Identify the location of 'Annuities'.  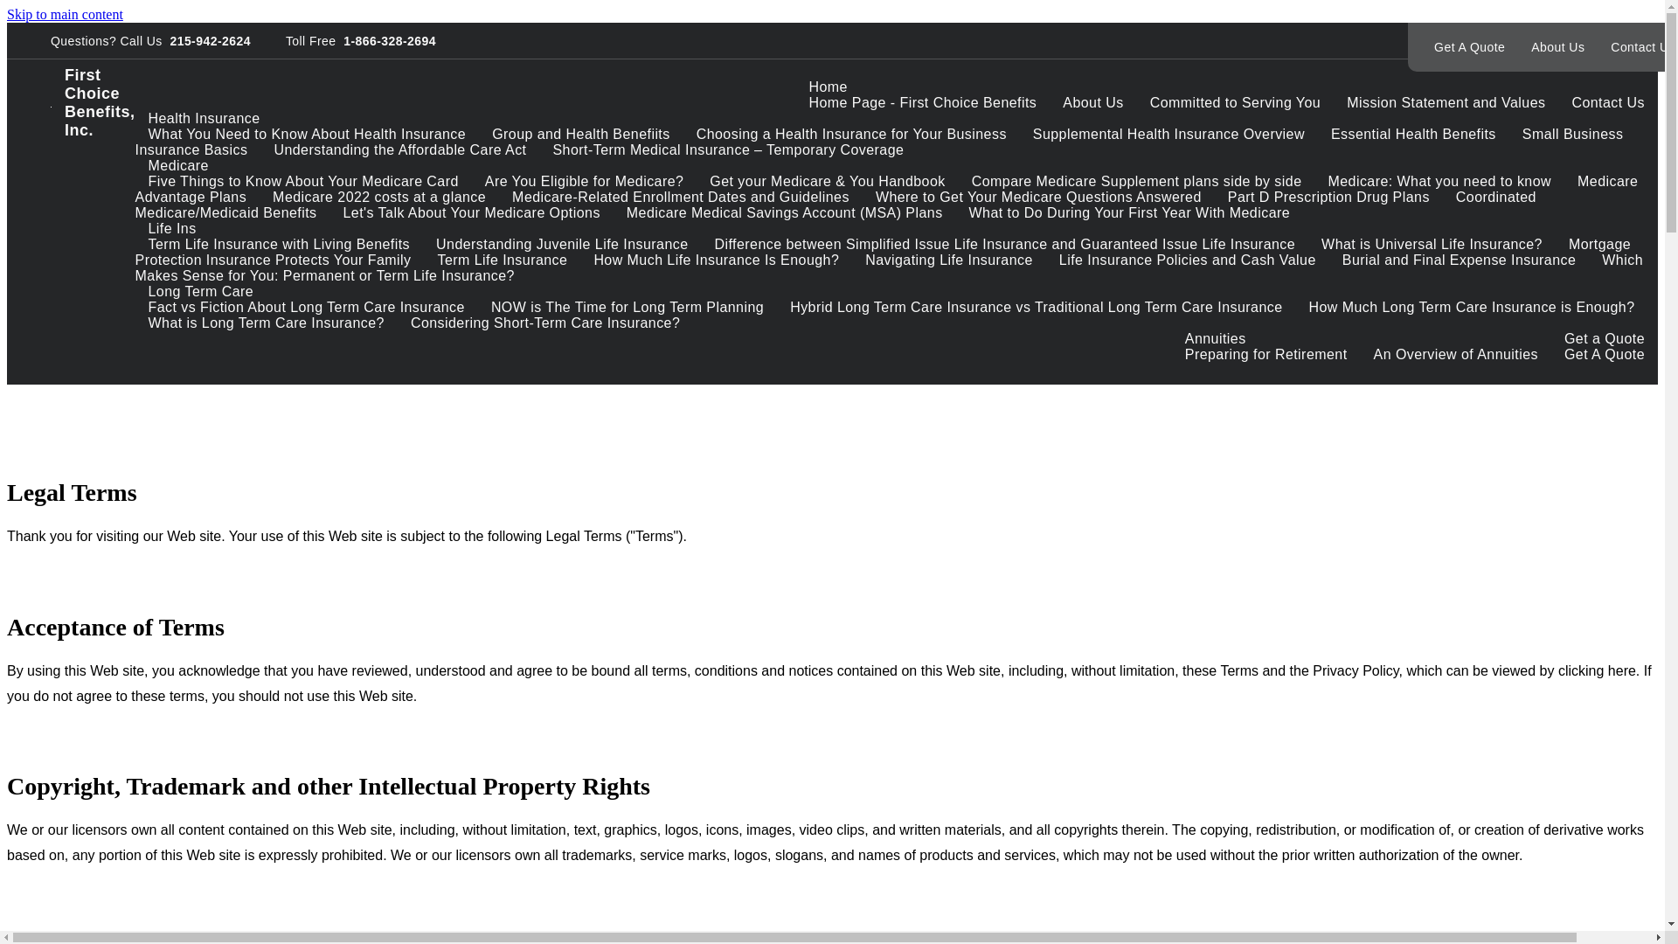
(1215, 338).